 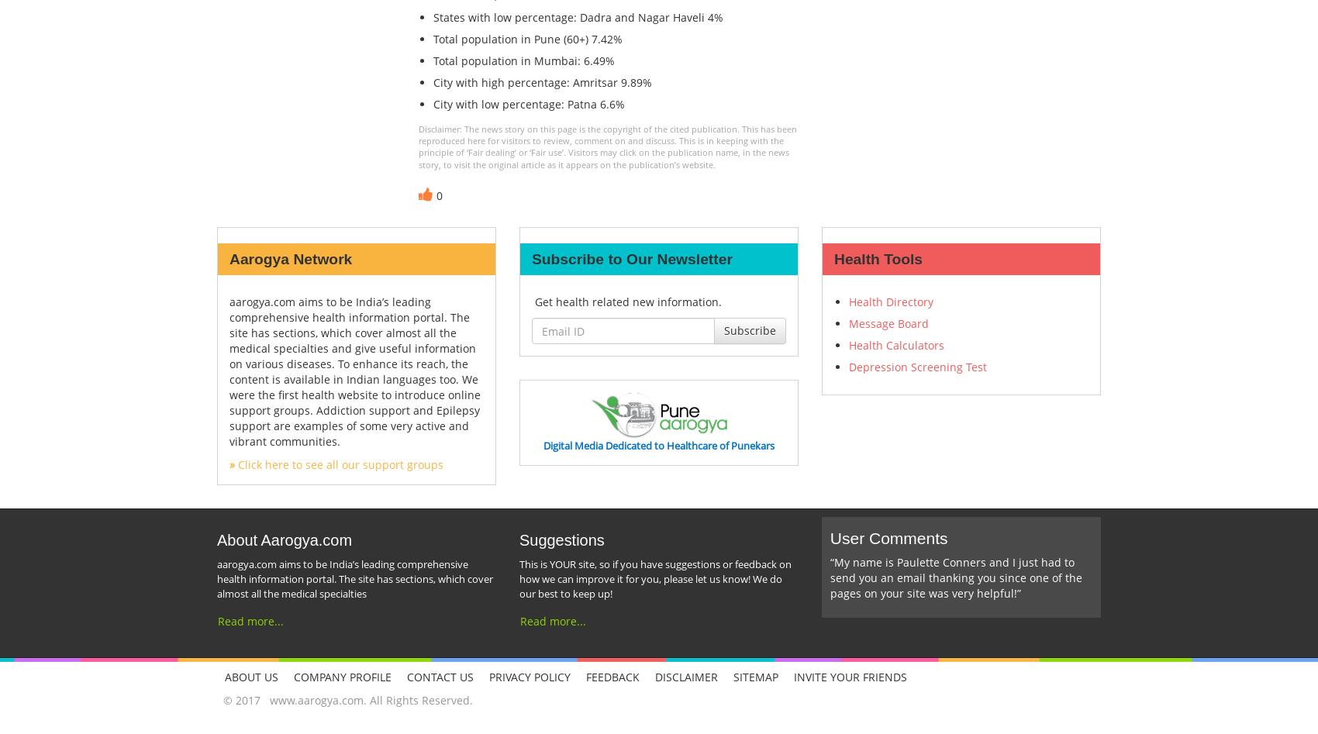 What do you see at coordinates (354, 577) in the screenshot?
I see `'aarogya.com aims to be India’s leading  comprehensive health information portal. The site has sections, which cover almost all the medical specialties'` at bounding box center [354, 577].